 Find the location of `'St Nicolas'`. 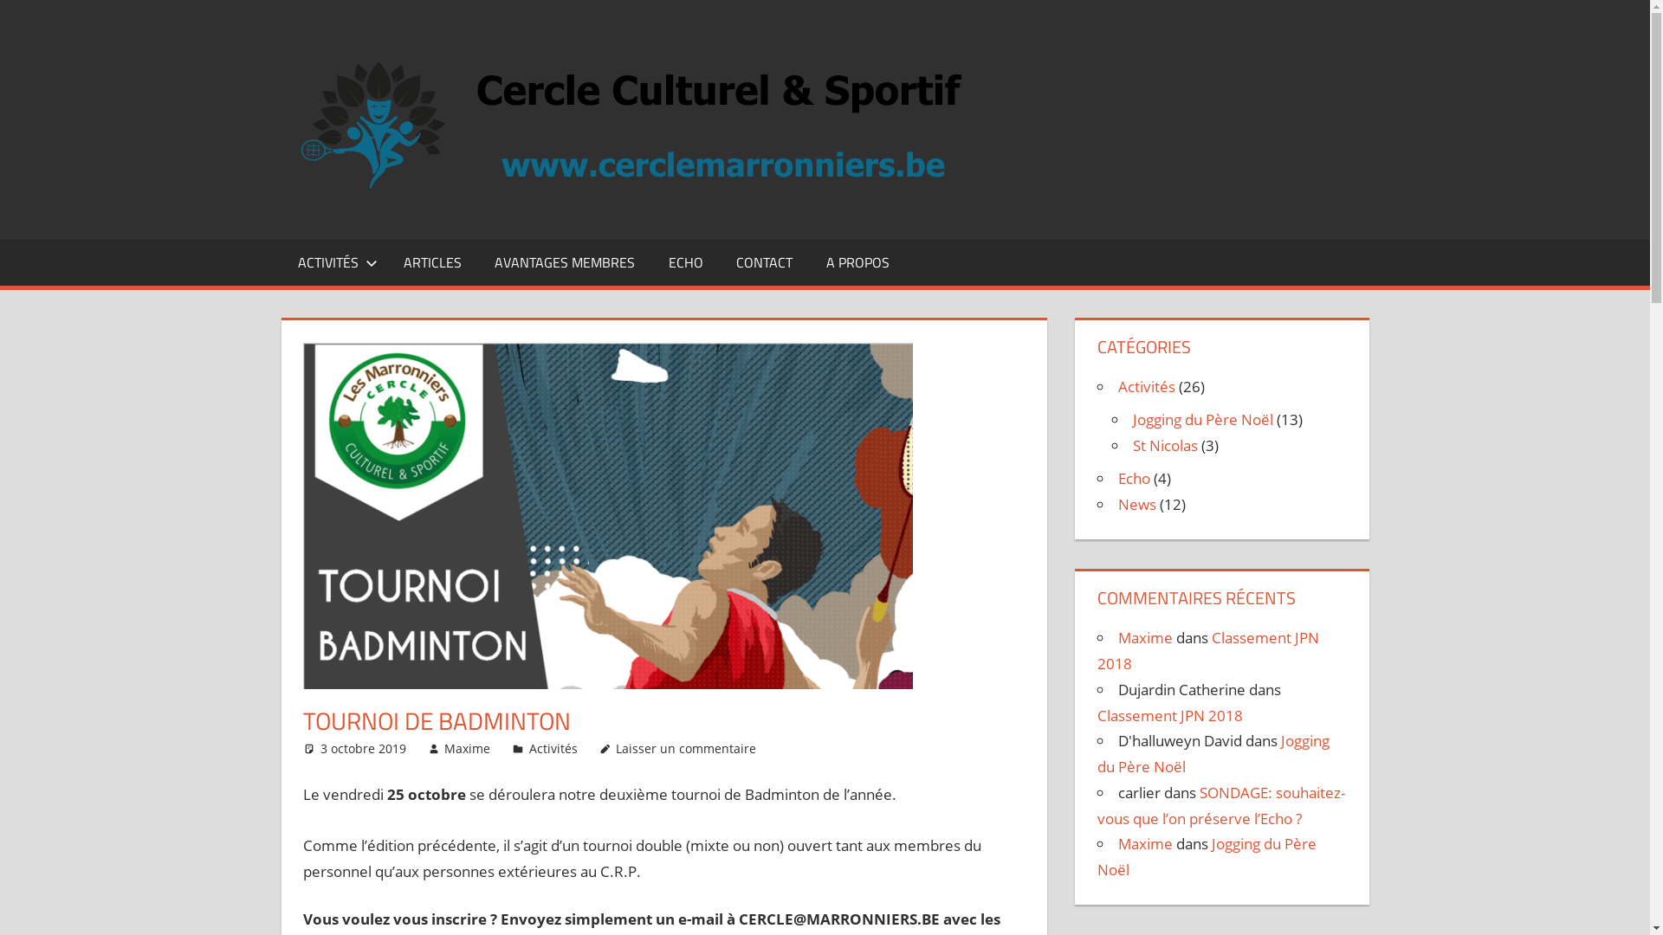

'St Nicolas' is located at coordinates (1133, 444).